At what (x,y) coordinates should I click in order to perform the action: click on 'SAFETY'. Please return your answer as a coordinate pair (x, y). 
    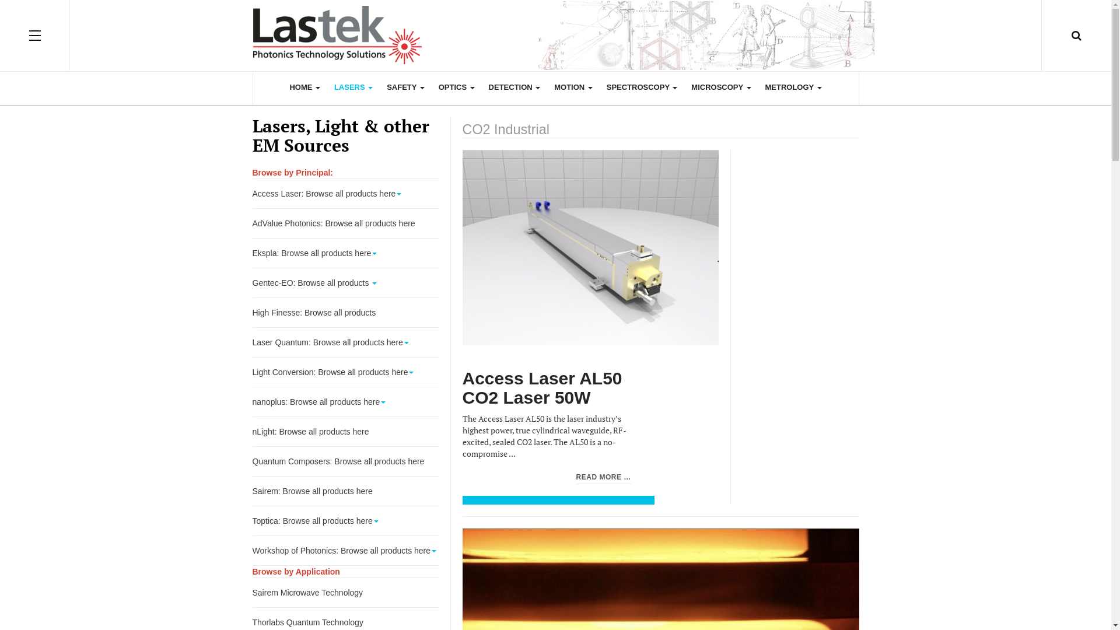
    Looking at the image, I should click on (405, 87).